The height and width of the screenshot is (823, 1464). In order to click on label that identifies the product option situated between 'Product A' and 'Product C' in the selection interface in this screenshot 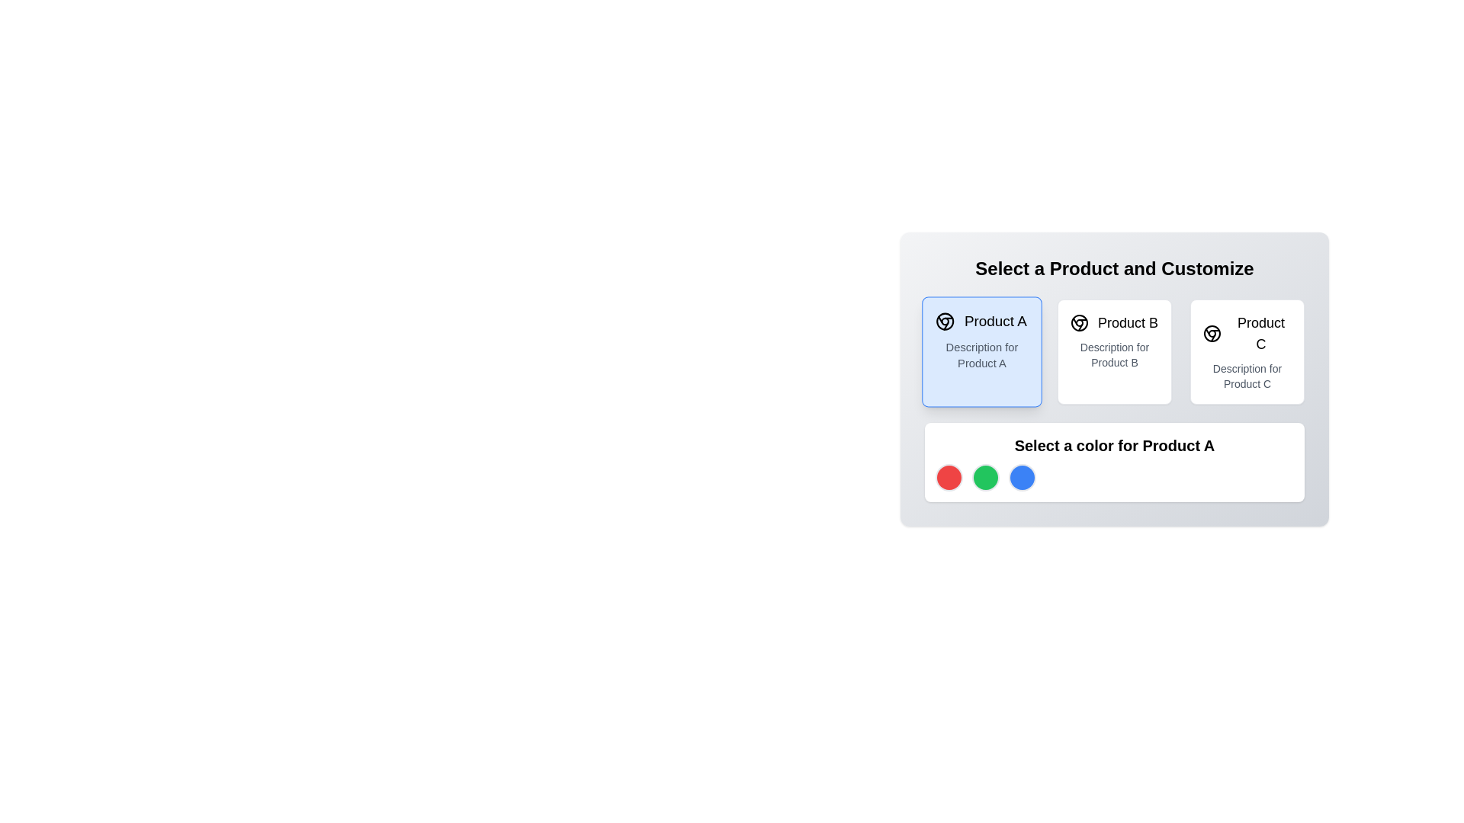, I will do `click(1115, 322)`.